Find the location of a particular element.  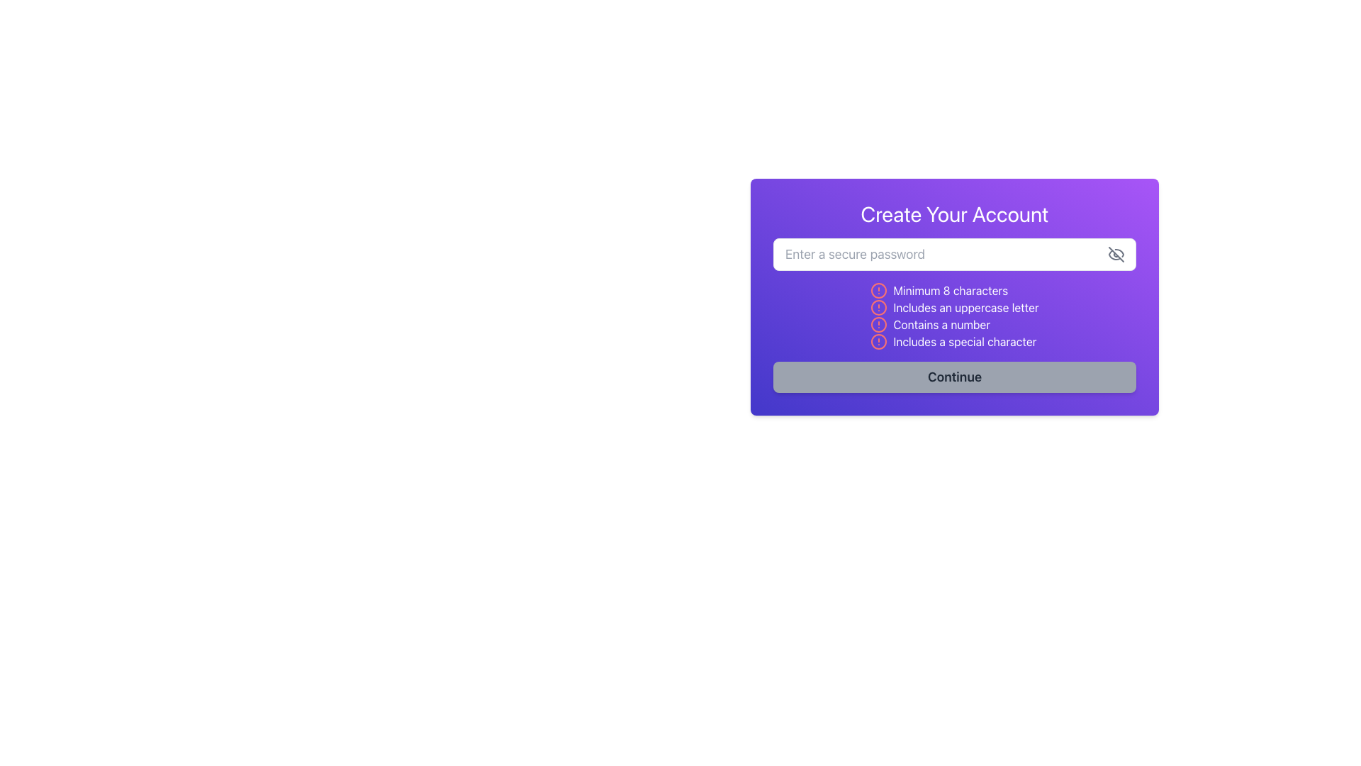

the button located at the right end of the password input field is located at coordinates (1115, 253).